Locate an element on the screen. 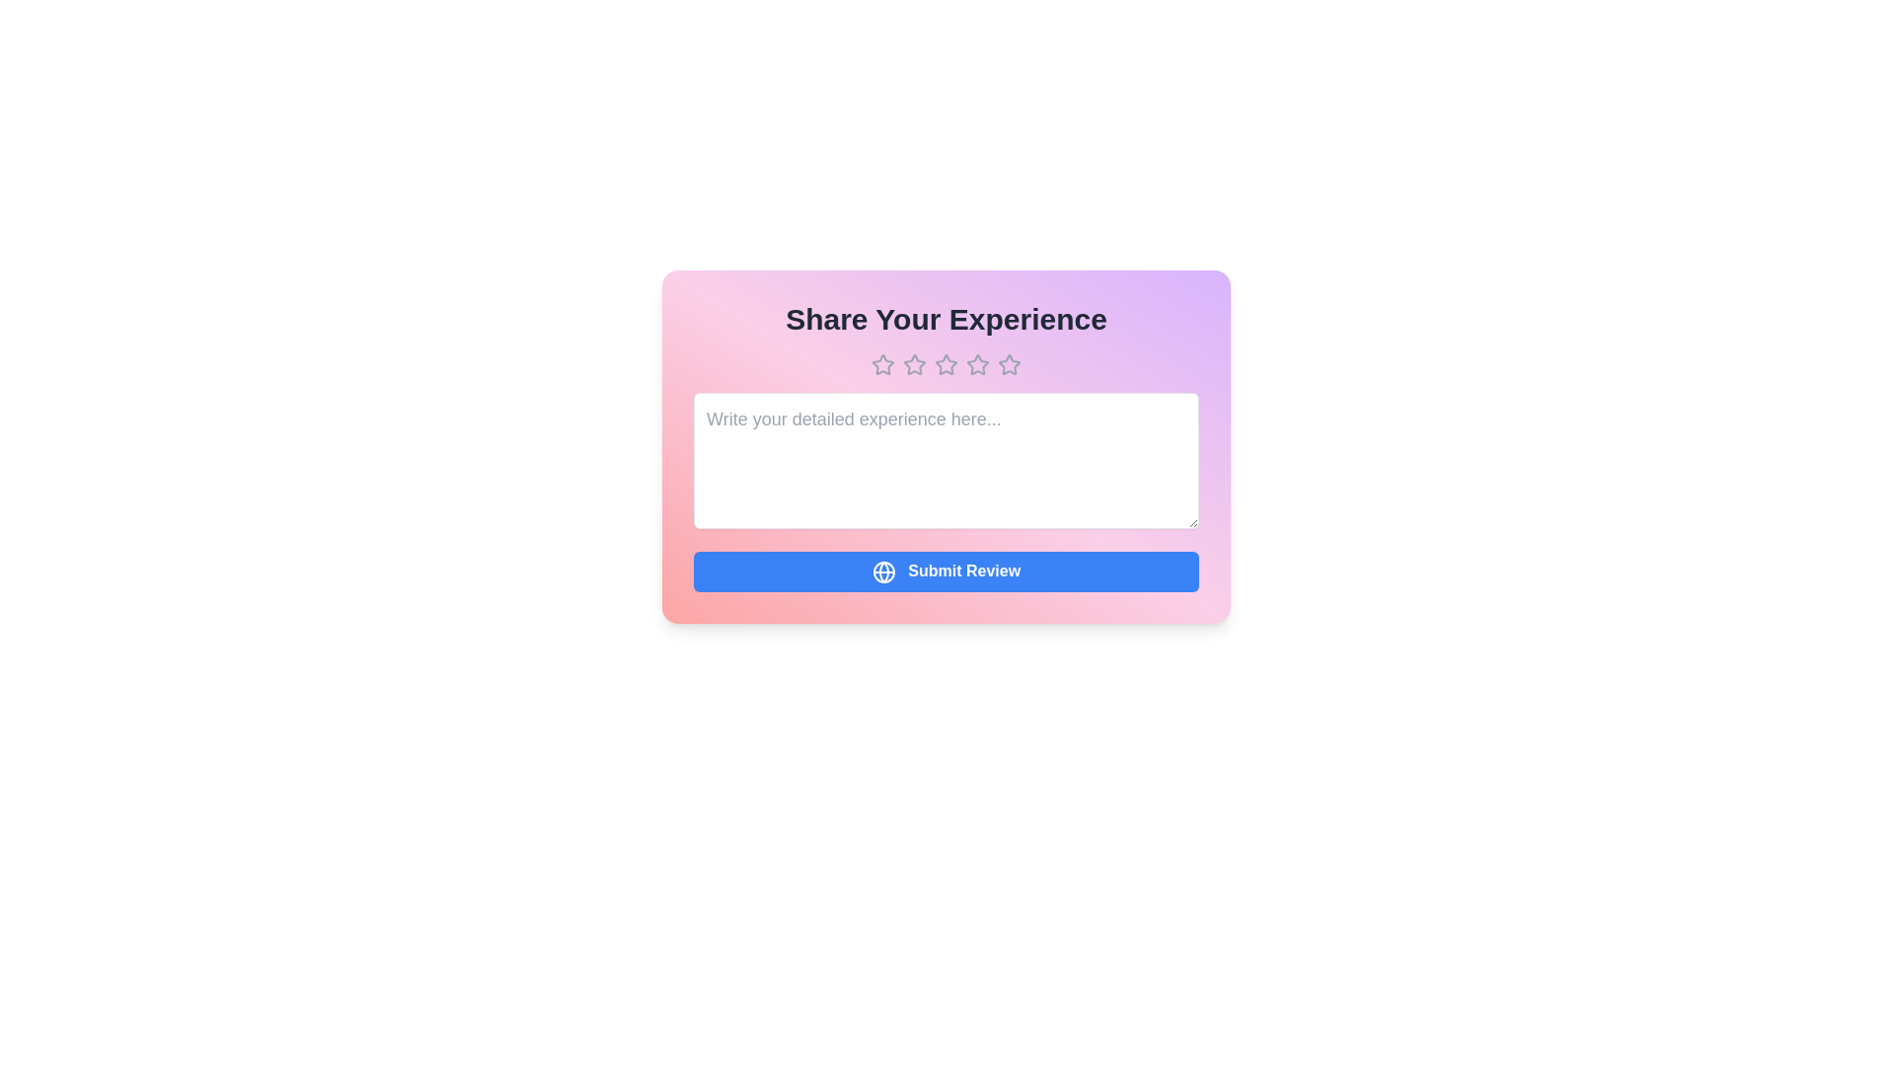  the star corresponding to 4 stars to preview the rating is located at coordinates (977, 365).